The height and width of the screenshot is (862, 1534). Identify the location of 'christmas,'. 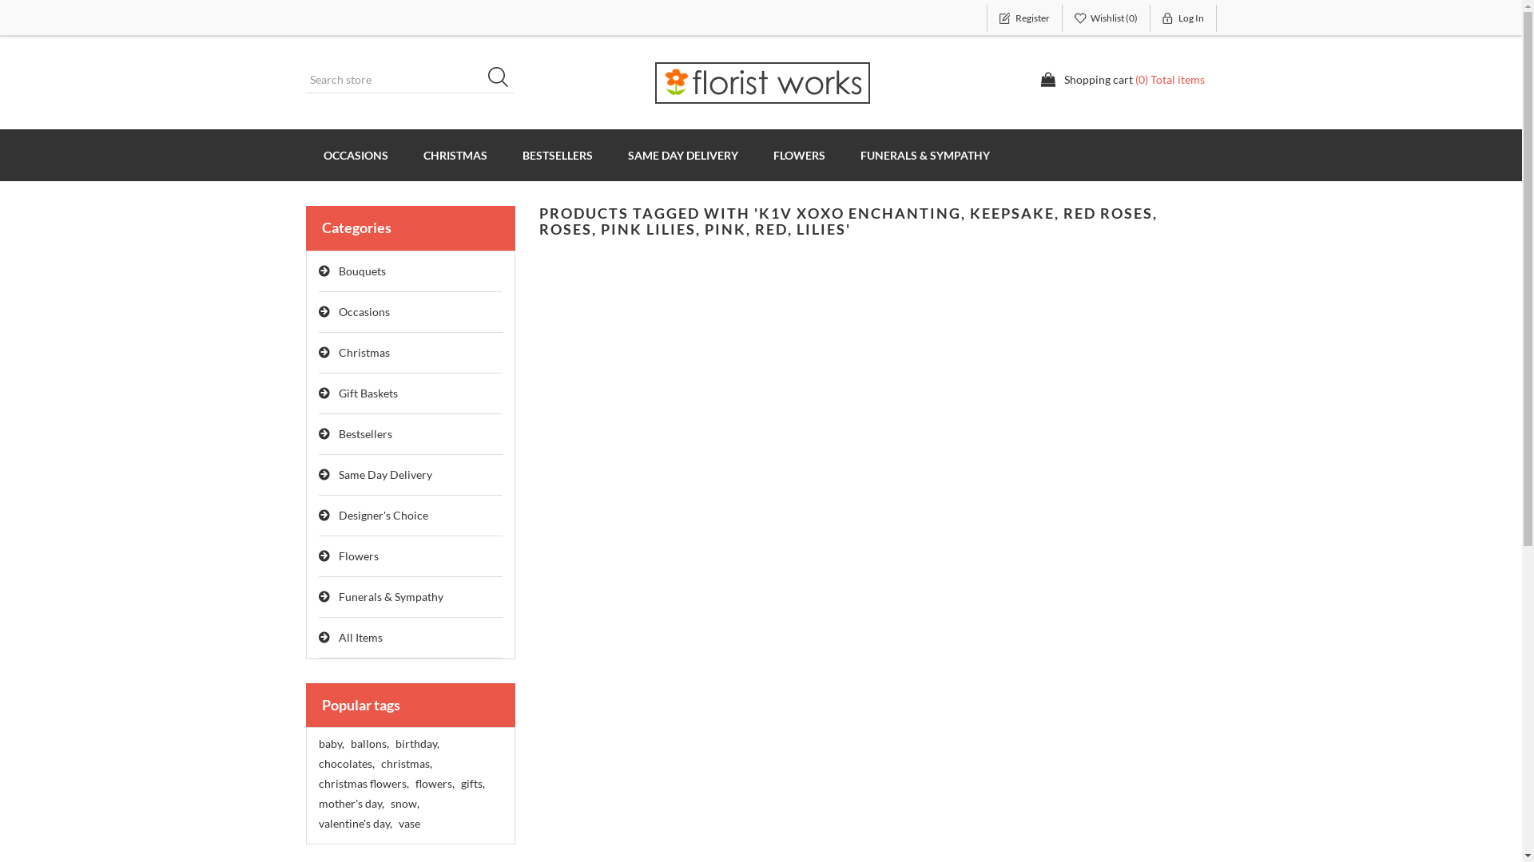
(379, 762).